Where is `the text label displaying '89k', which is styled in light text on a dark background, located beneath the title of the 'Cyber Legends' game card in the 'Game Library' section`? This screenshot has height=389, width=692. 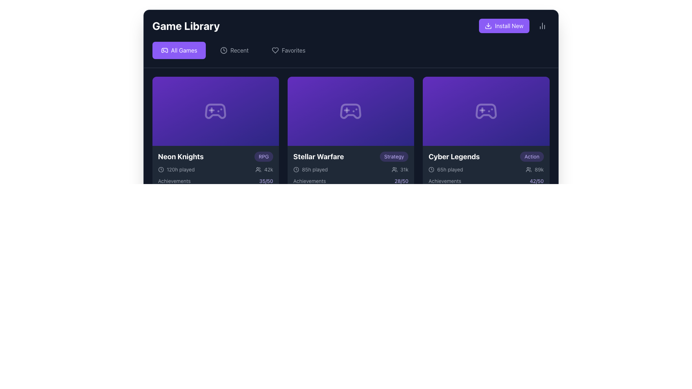
the text label displaying '89k', which is styled in light text on a dark background, located beneath the title of the 'Cyber Legends' game card in the 'Game Library' section is located at coordinates (539, 169).